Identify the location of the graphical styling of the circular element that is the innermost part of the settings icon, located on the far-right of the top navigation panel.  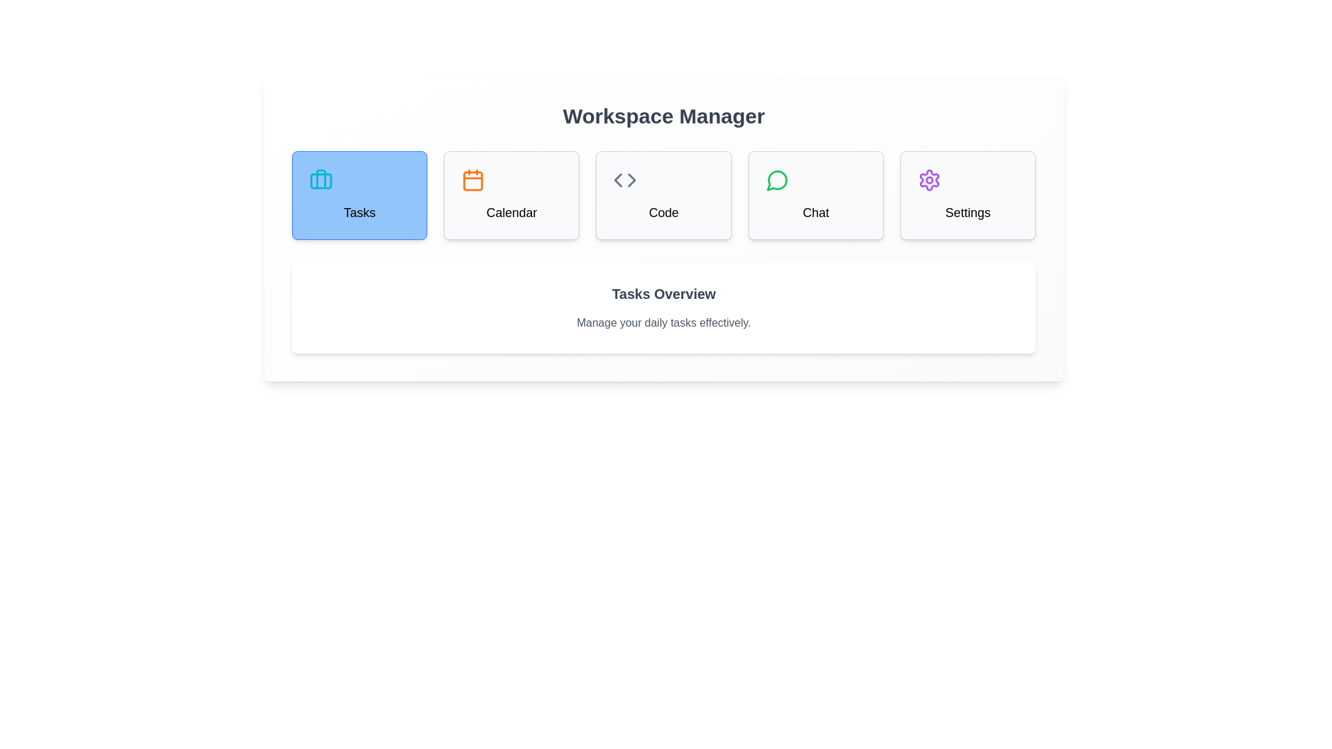
(929, 179).